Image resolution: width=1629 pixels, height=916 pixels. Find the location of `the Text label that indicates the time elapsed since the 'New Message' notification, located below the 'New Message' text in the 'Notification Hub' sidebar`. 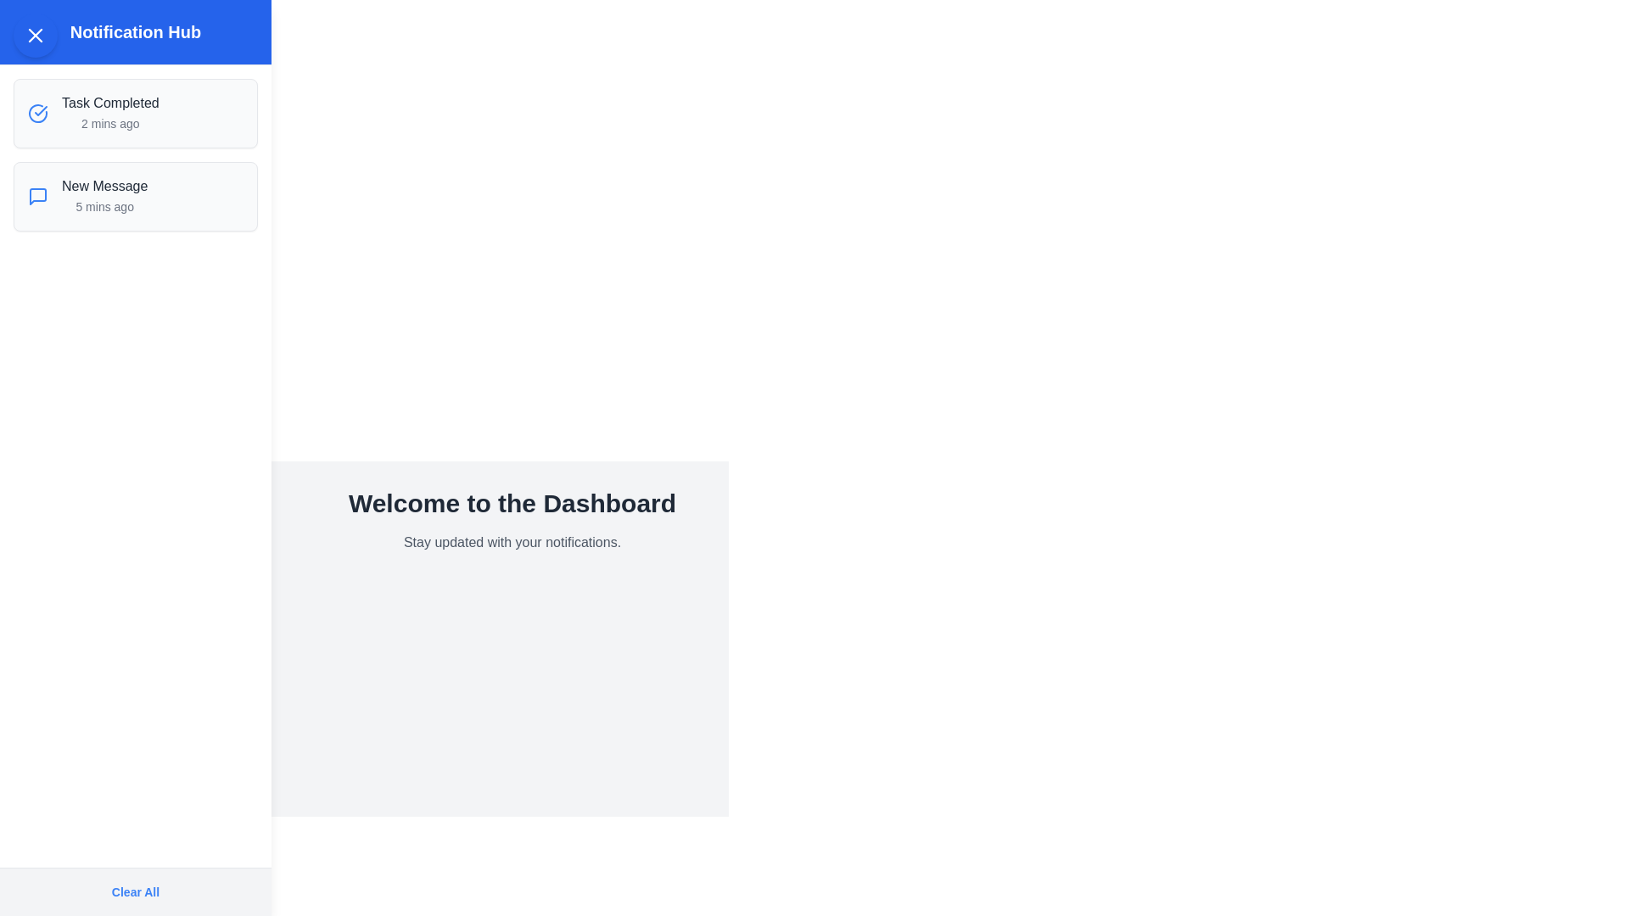

the Text label that indicates the time elapsed since the 'New Message' notification, located below the 'New Message' text in the 'Notification Hub' sidebar is located at coordinates (104, 205).